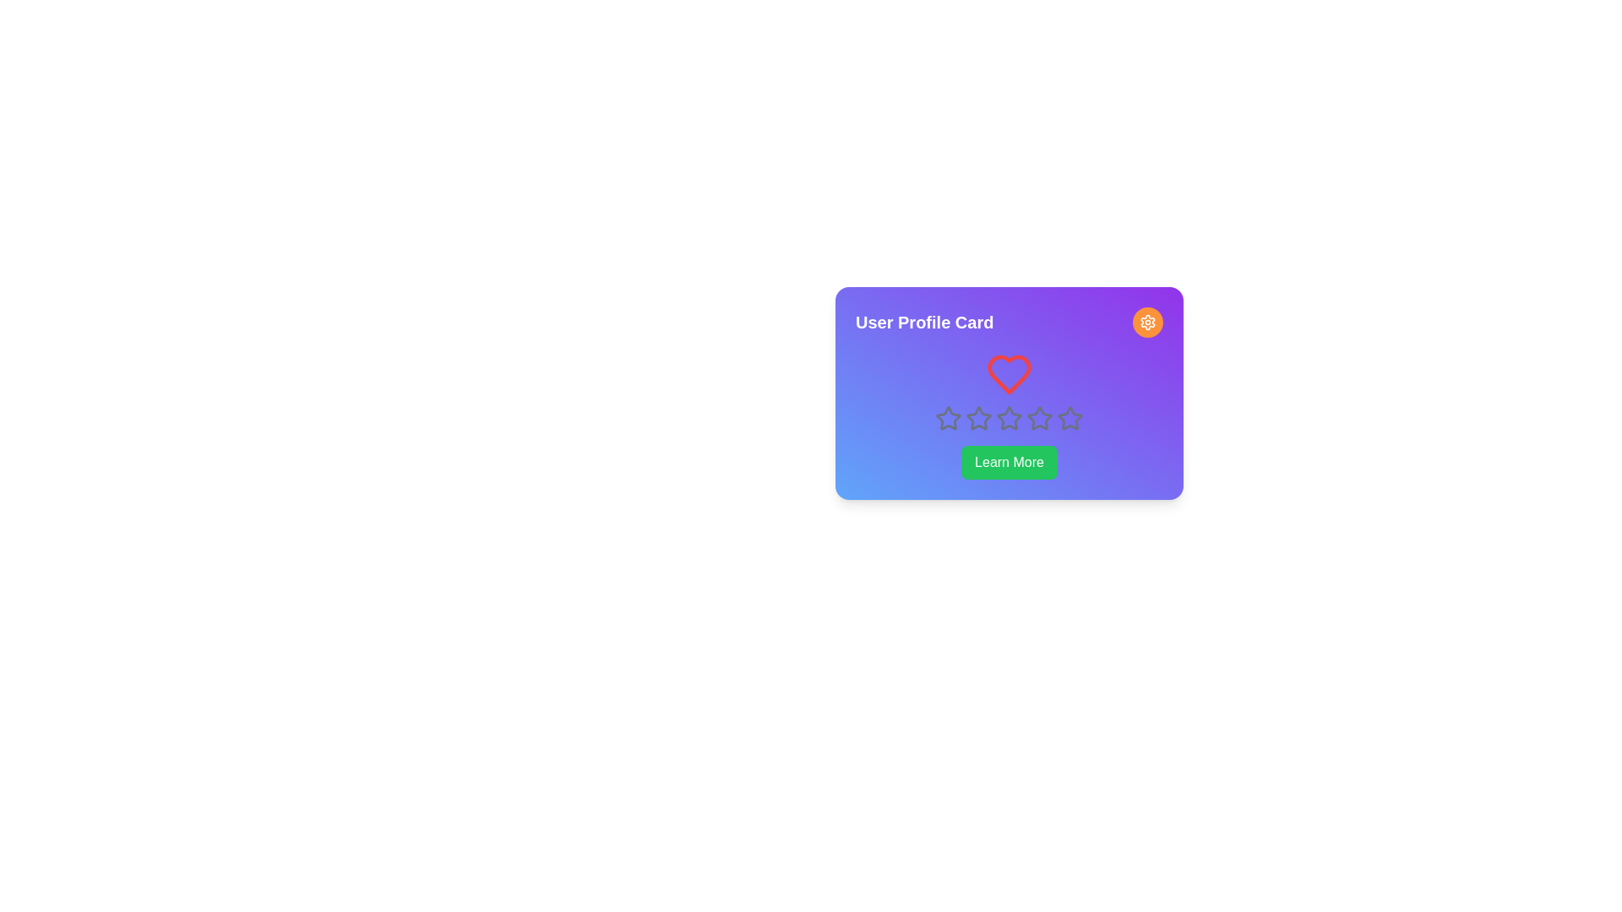 The image size is (1622, 912). I want to click on the fourth star icon in the rating interface, so click(1038, 418).